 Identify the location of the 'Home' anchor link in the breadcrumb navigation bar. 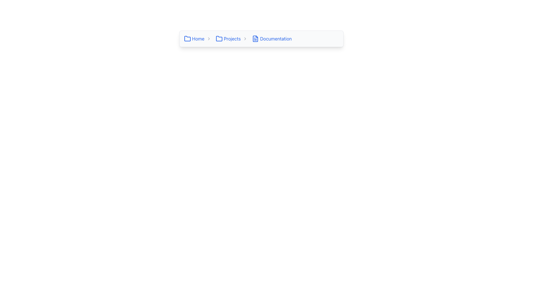
(194, 38).